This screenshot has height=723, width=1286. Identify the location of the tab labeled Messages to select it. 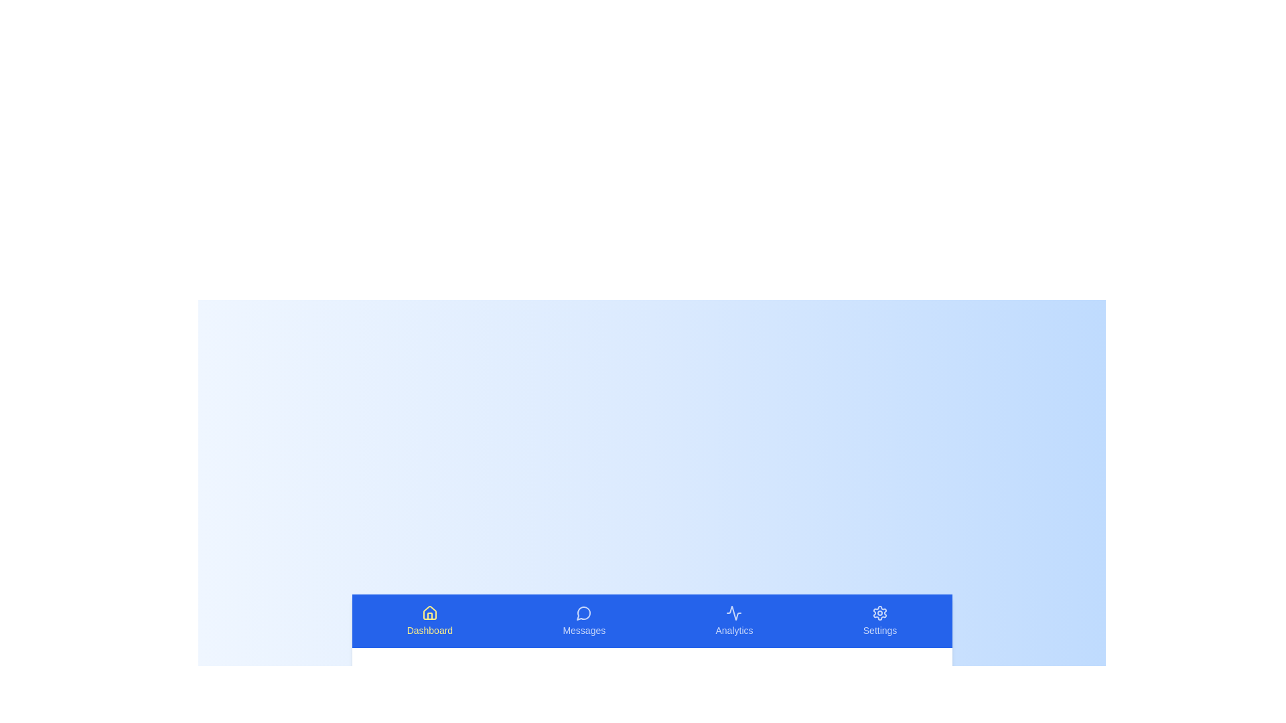
(584, 621).